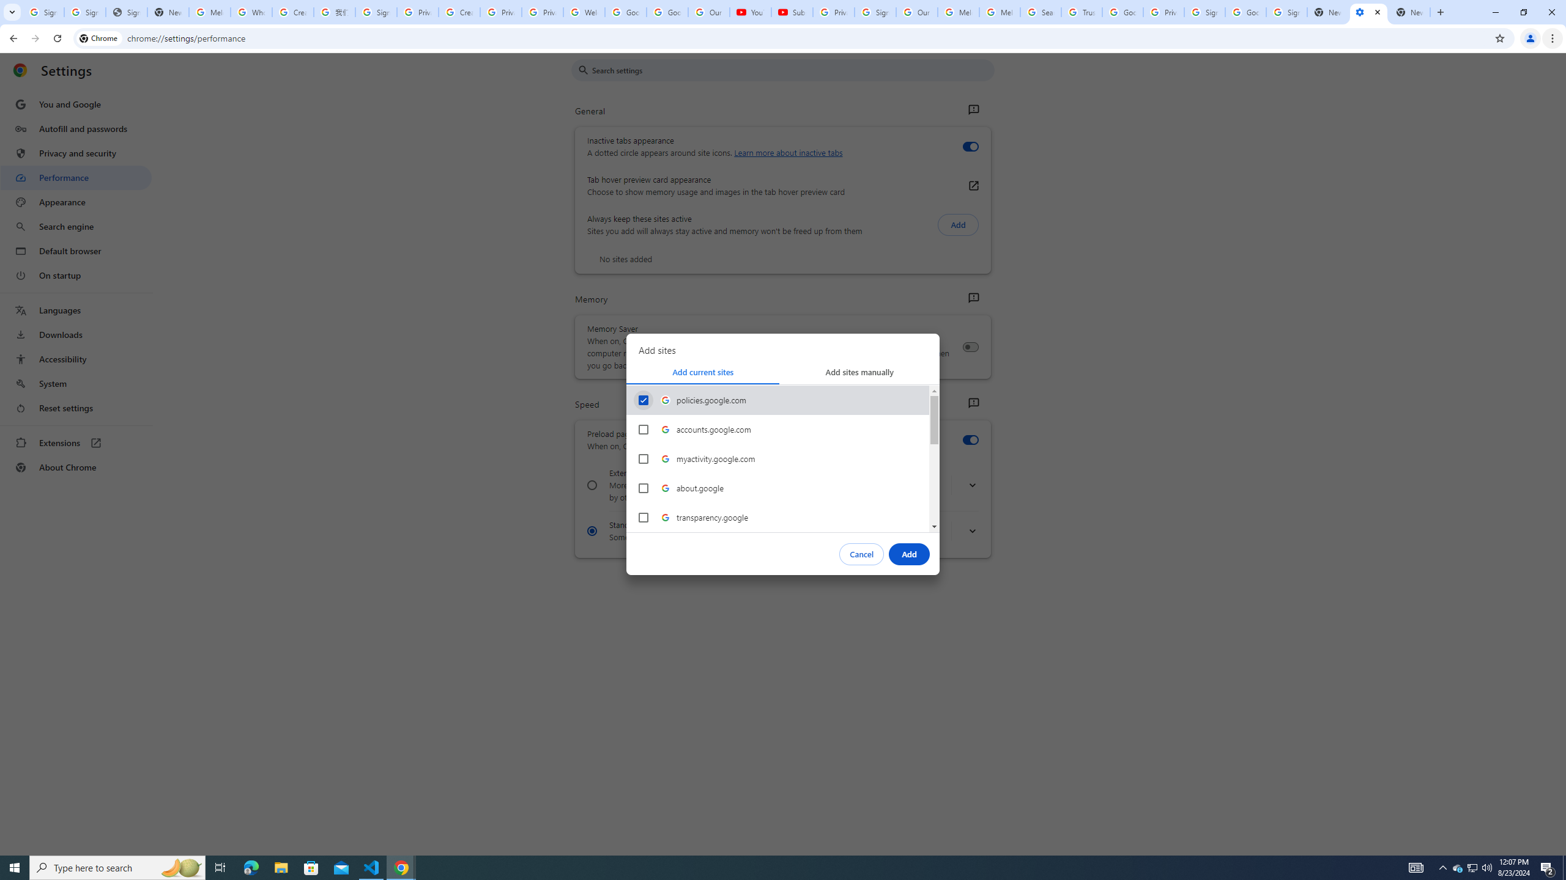 The height and width of the screenshot is (880, 1566). I want to click on 'Add current sites', so click(703, 372).